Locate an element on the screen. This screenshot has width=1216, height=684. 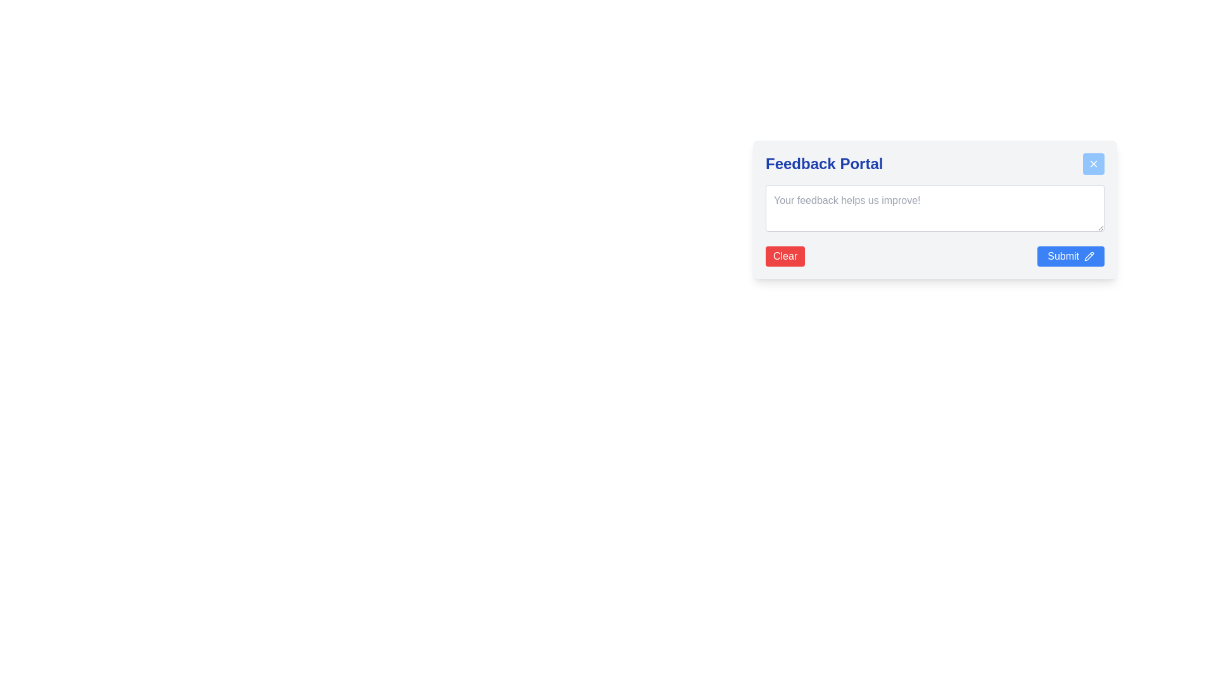
the pencil icon, which is part of the 'Submit' button in the 'Feedback Portal' modal is located at coordinates (1088, 256).